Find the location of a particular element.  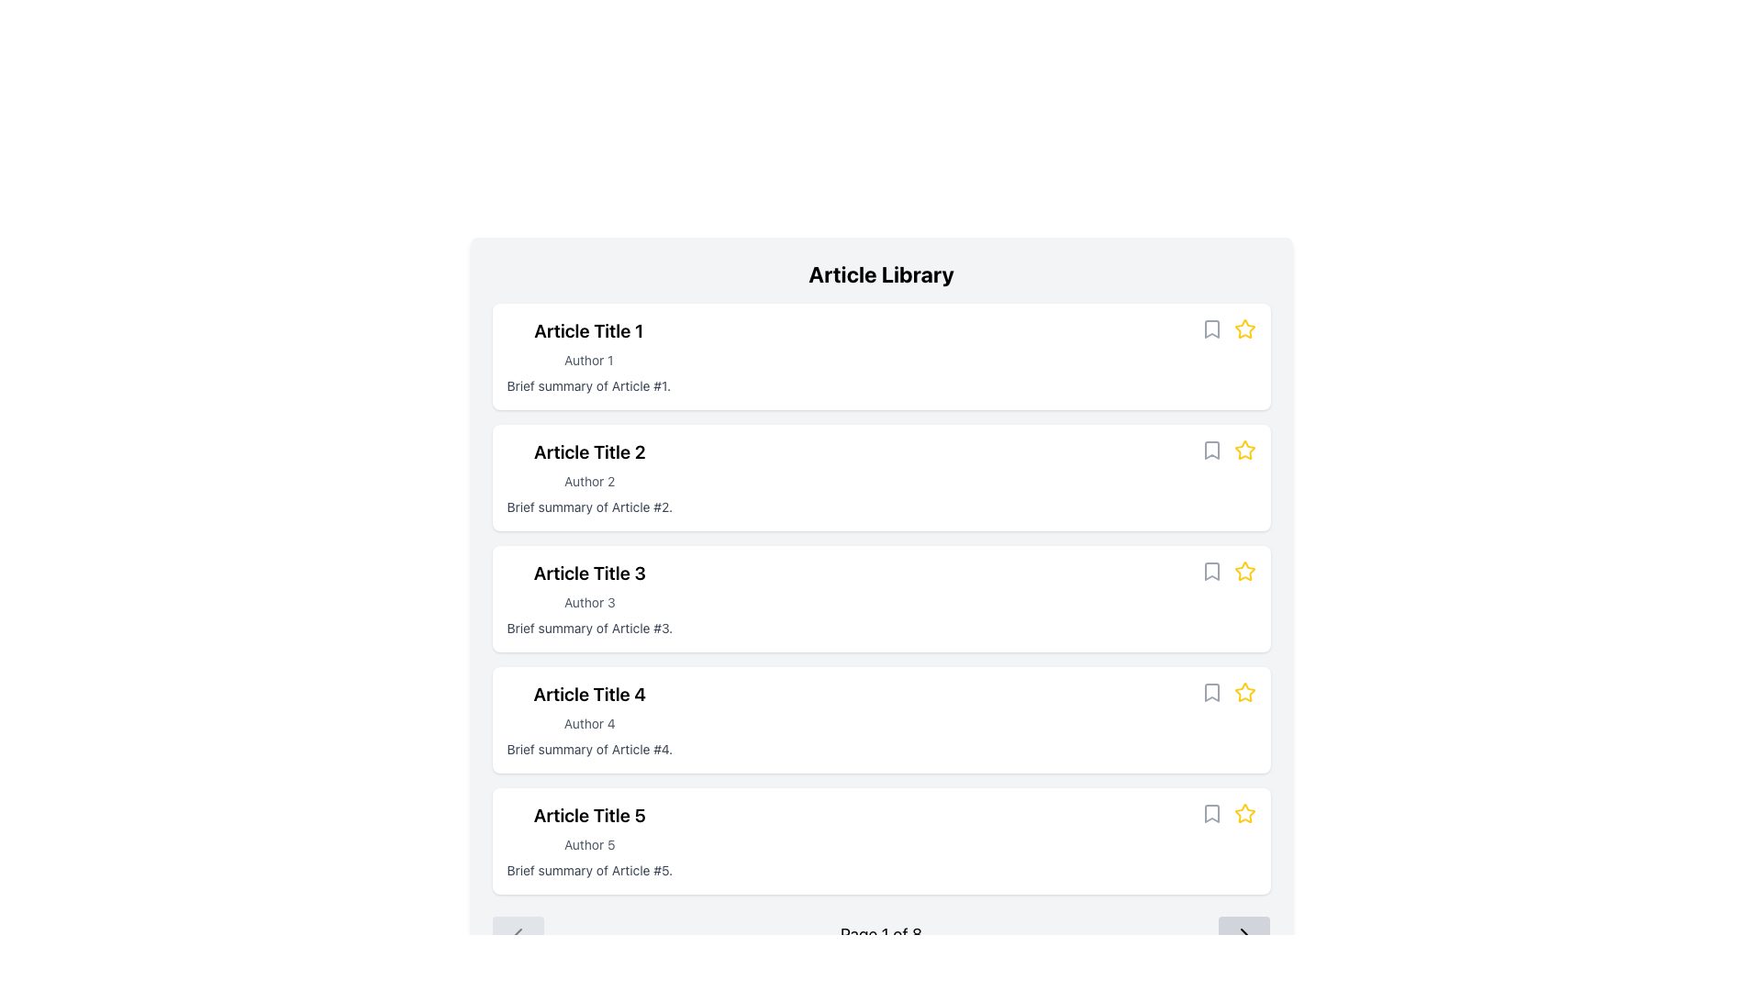

the third Card component in the Article Library list is located at coordinates (589, 598).